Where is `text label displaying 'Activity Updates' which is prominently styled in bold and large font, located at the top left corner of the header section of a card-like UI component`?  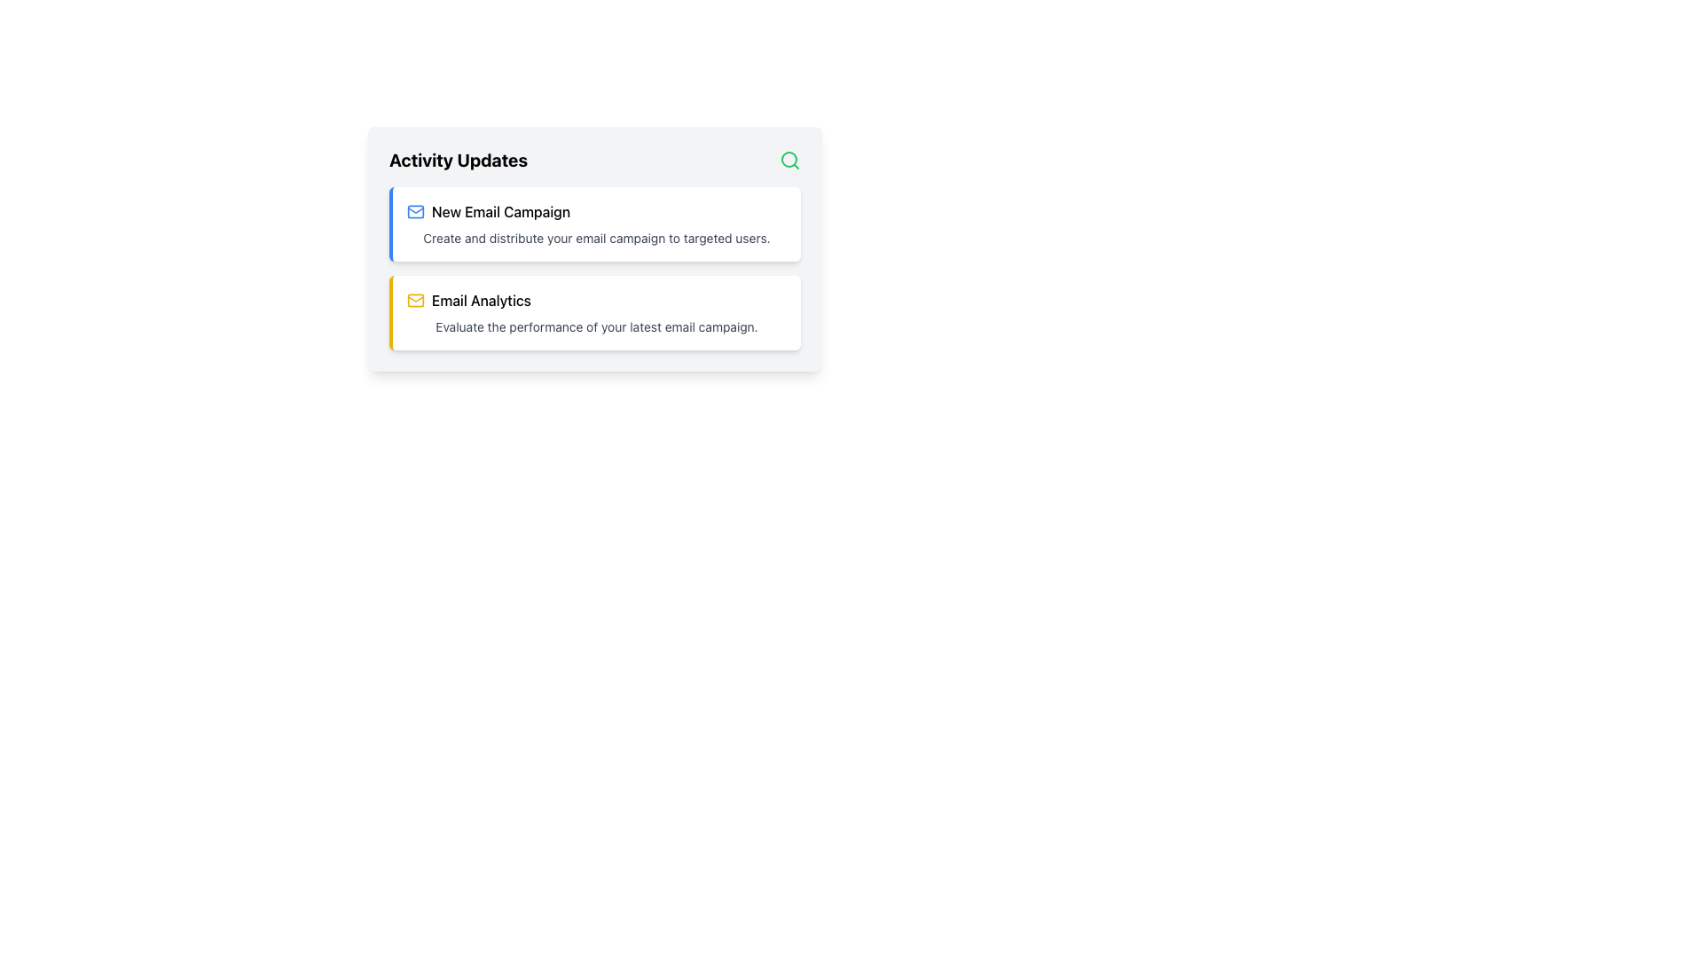
text label displaying 'Activity Updates' which is prominently styled in bold and large font, located at the top left corner of the header section of a card-like UI component is located at coordinates (459, 161).